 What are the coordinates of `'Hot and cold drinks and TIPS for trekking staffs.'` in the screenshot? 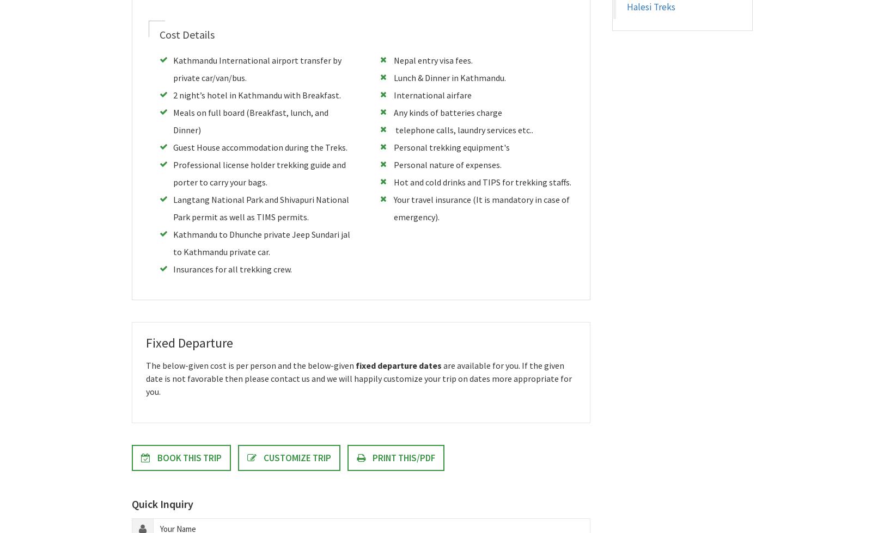 It's located at (481, 182).